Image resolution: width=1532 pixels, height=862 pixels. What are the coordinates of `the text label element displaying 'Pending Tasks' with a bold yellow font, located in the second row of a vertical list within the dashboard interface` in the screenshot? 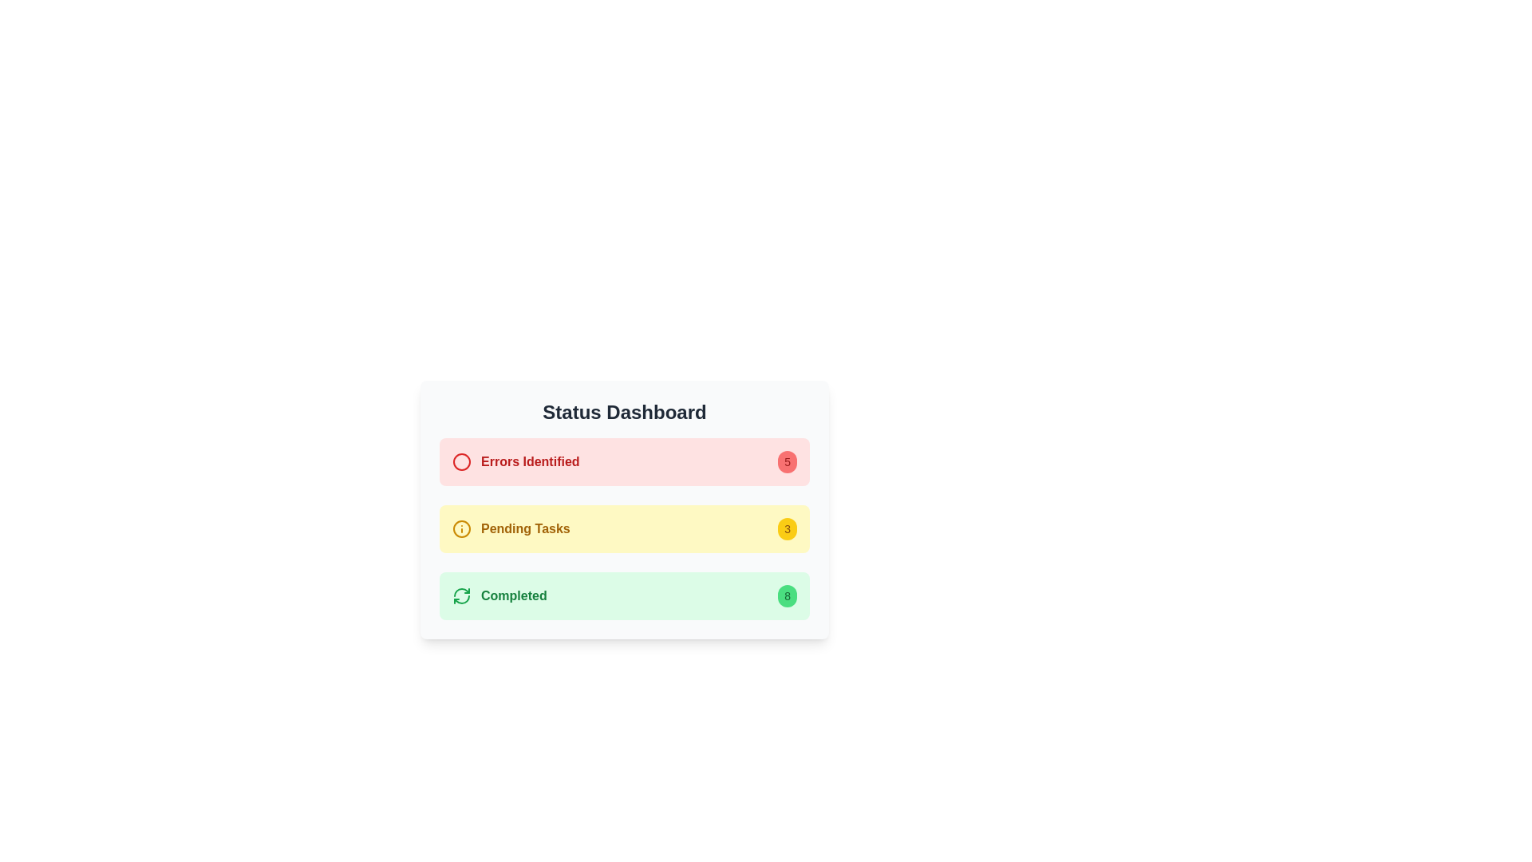 It's located at (525, 529).